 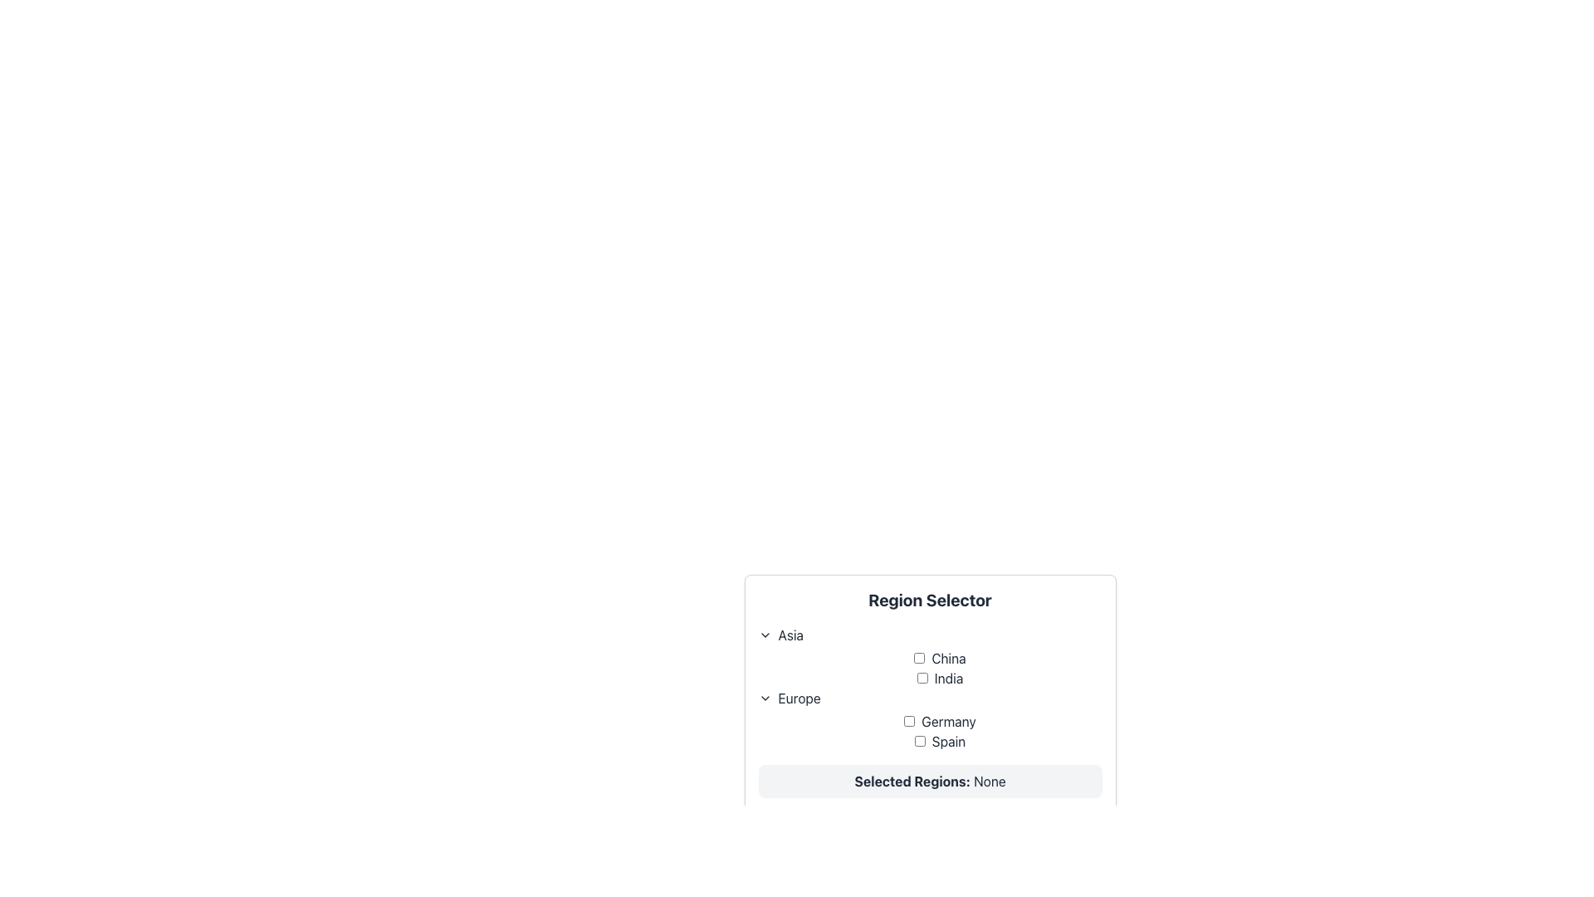 What do you see at coordinates (908, 720) in the screenshot?
I see `the standard checkbox located in the 'Region Selector' panel beside the text 'Germany'` at bounding box center [908, 720].